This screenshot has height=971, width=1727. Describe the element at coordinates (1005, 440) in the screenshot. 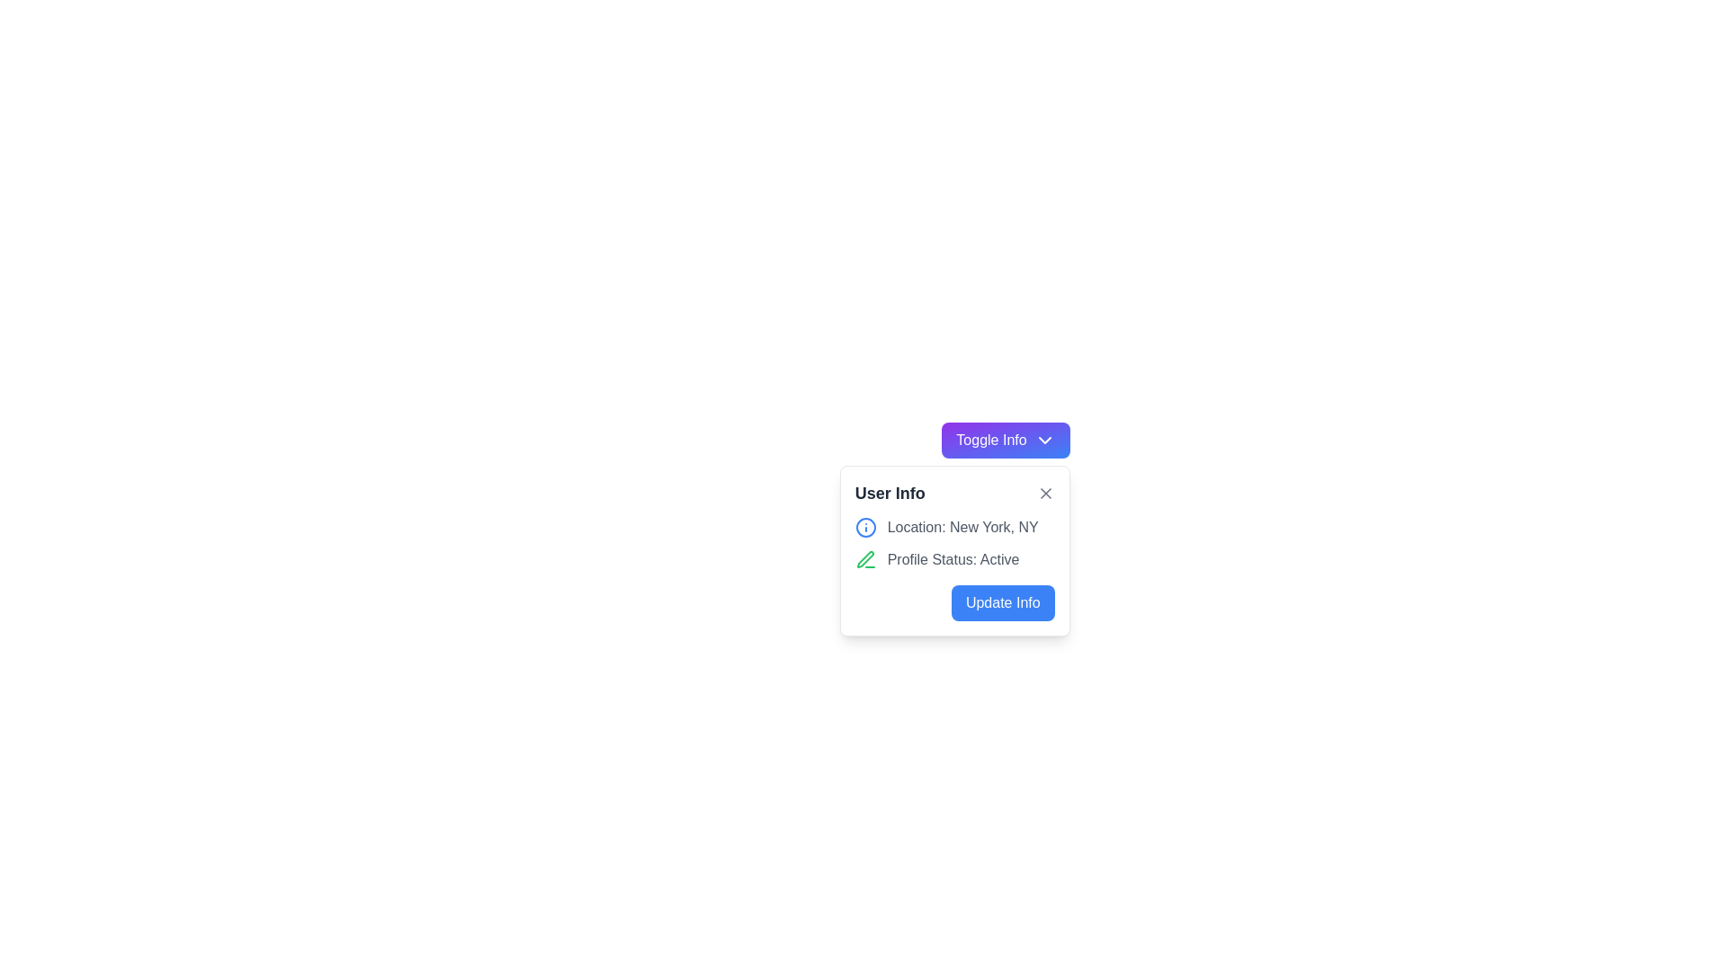

I see `the toggle button located in the top-right corner of the modal` at that location.